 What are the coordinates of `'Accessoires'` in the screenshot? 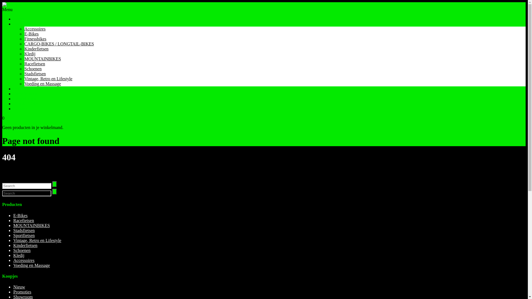 It's located at (13, 260).